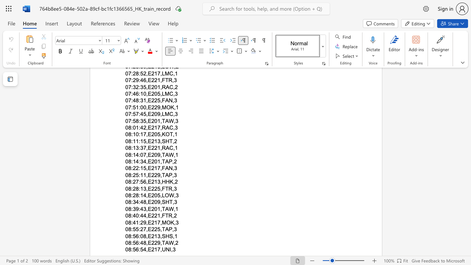  Describe the element at coordinates (146, 215) in the screenshot. I see `the subset text ",E" within the text "08:40:44,E221,FTR,2"` at that location.